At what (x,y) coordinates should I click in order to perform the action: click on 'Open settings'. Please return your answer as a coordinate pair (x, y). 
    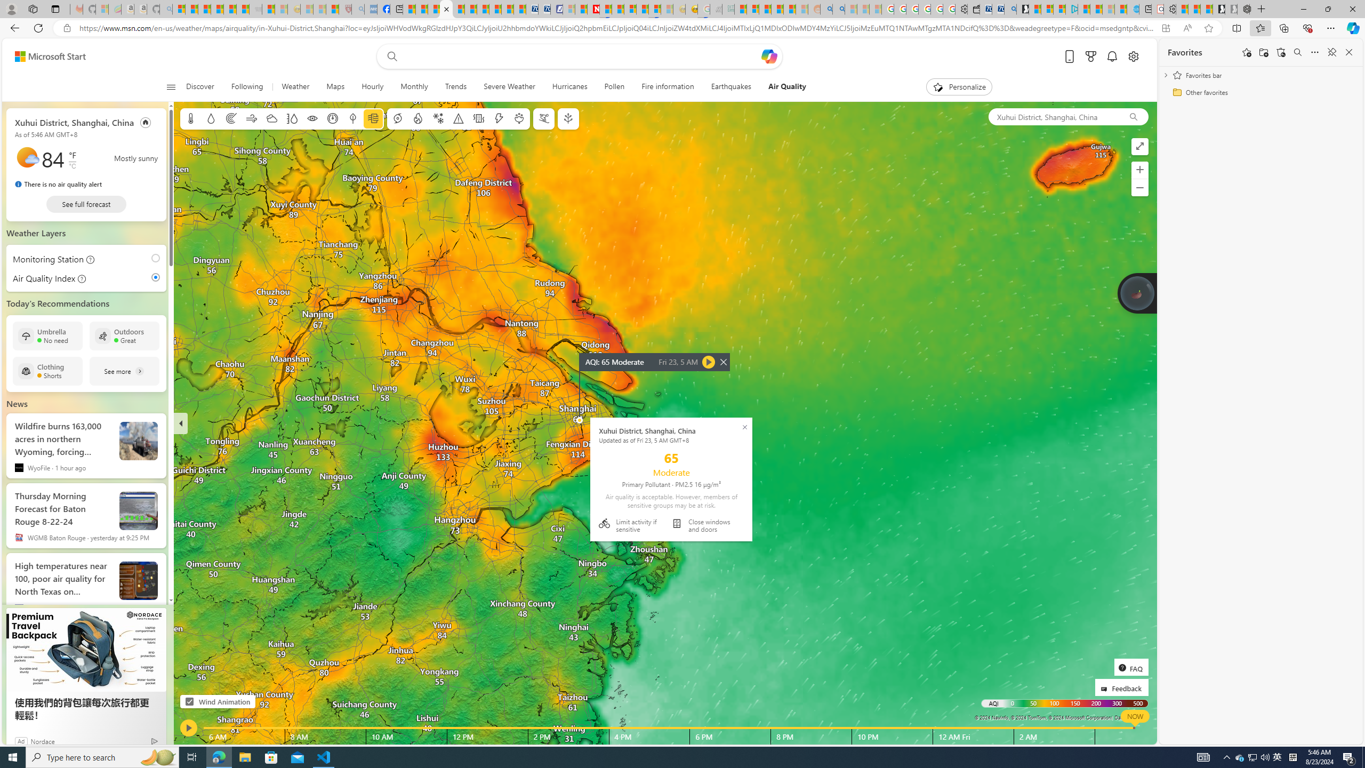
    Looking at the image, I should click on (1132, 57).